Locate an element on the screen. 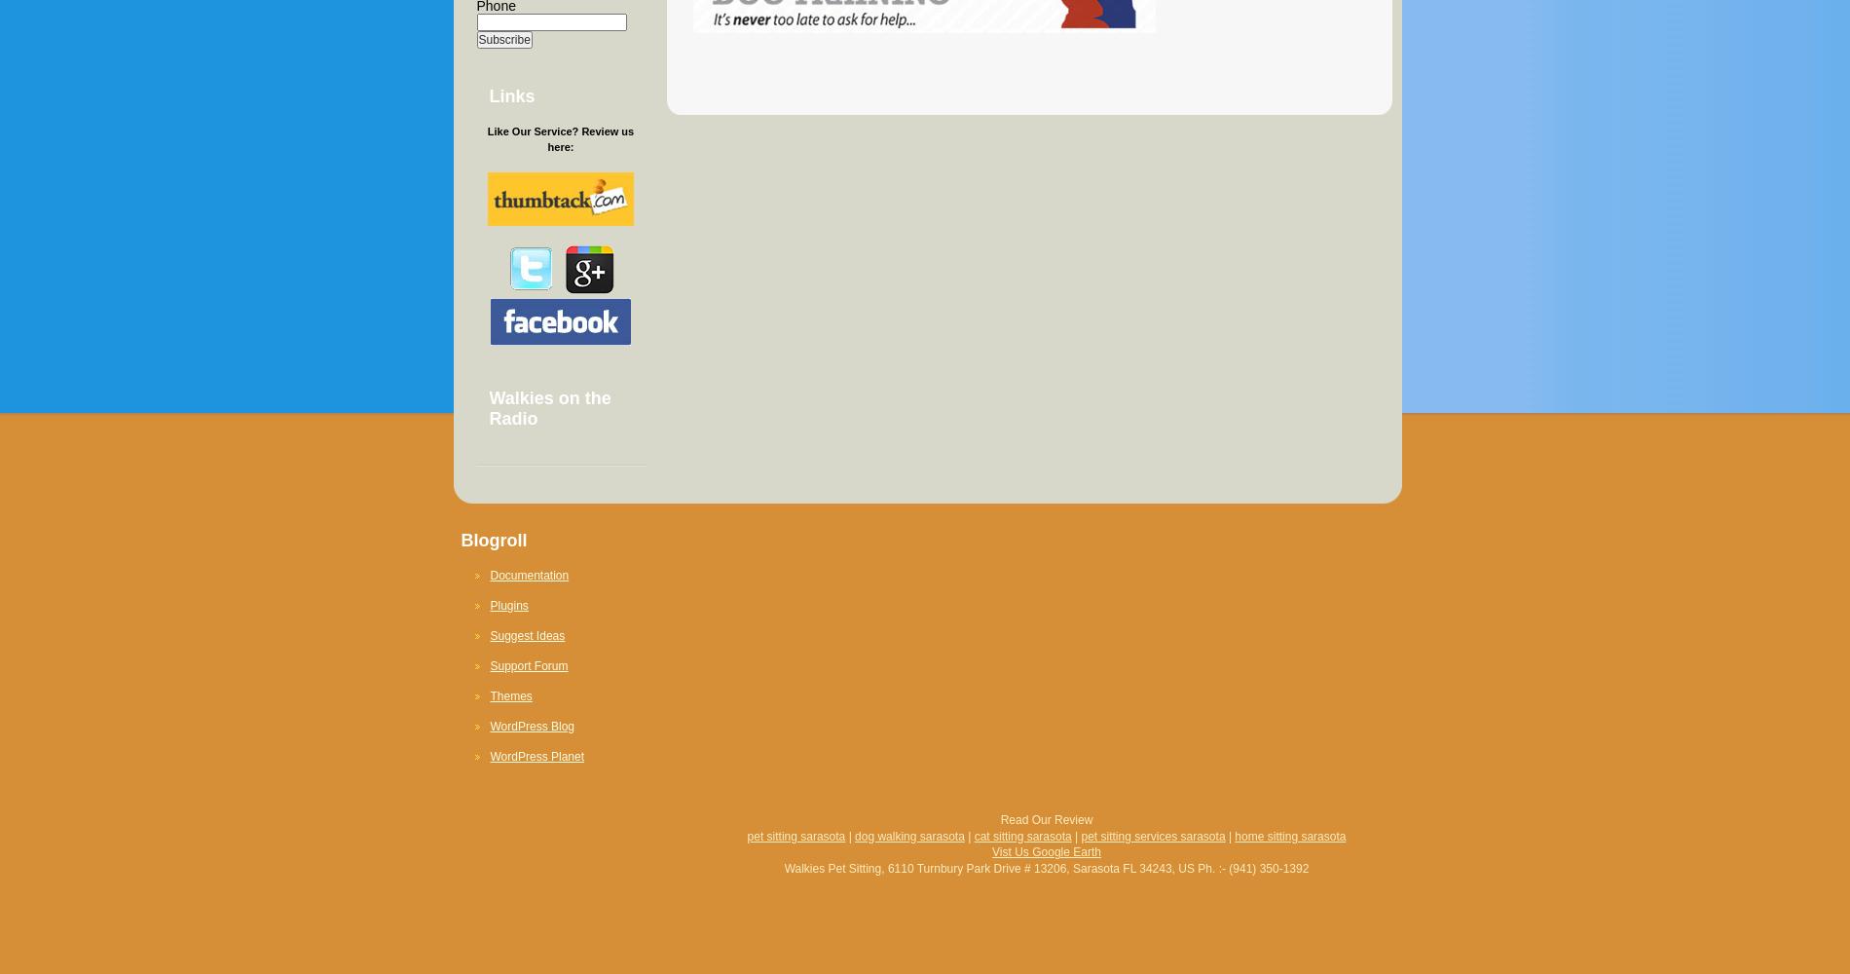 Image resolution: width=1850 pixels, height=974 pixels. 'Links' is located at coordinates (511, 95).